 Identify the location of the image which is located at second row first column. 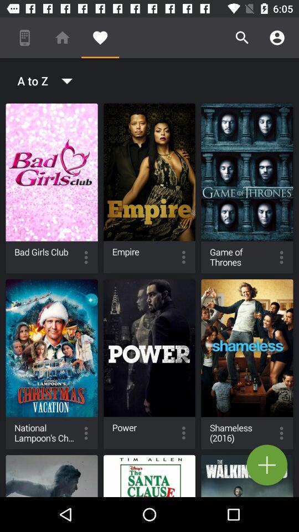
(51, 364).